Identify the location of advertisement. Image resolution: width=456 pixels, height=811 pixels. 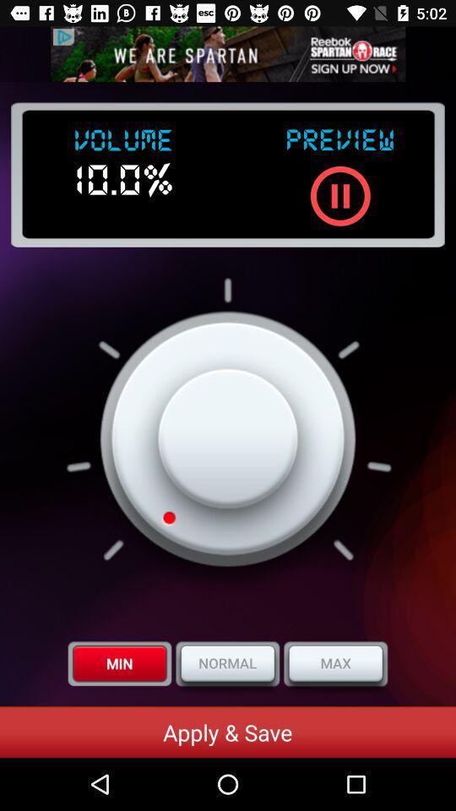
(228, 54).